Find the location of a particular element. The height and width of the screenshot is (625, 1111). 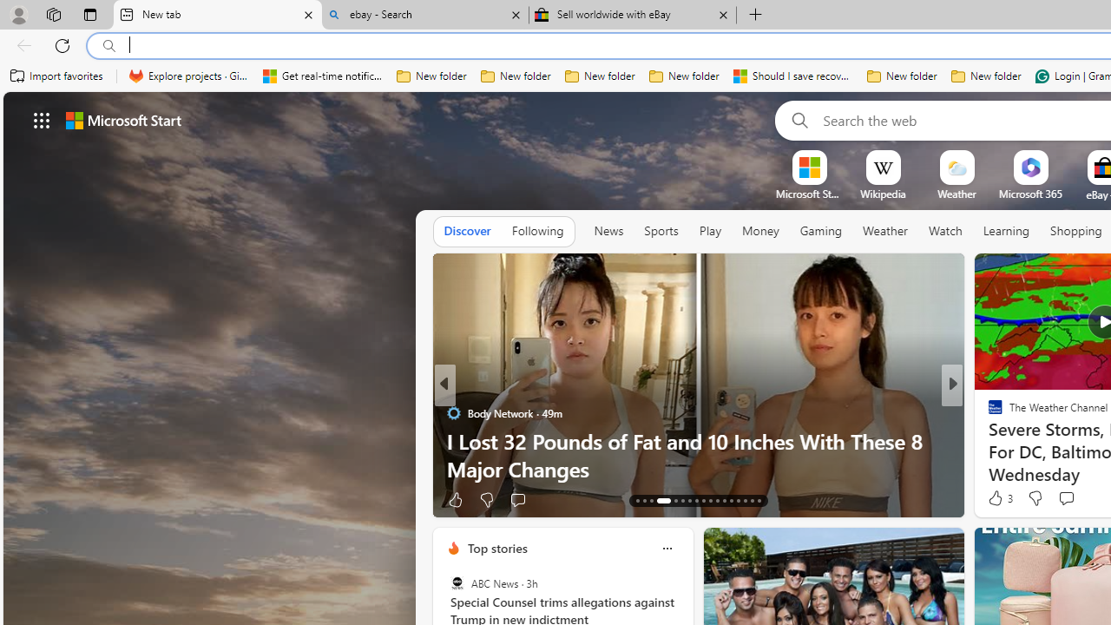

'To get missing image descriptions, open the context menu.' is located at coordinates (808, 167).